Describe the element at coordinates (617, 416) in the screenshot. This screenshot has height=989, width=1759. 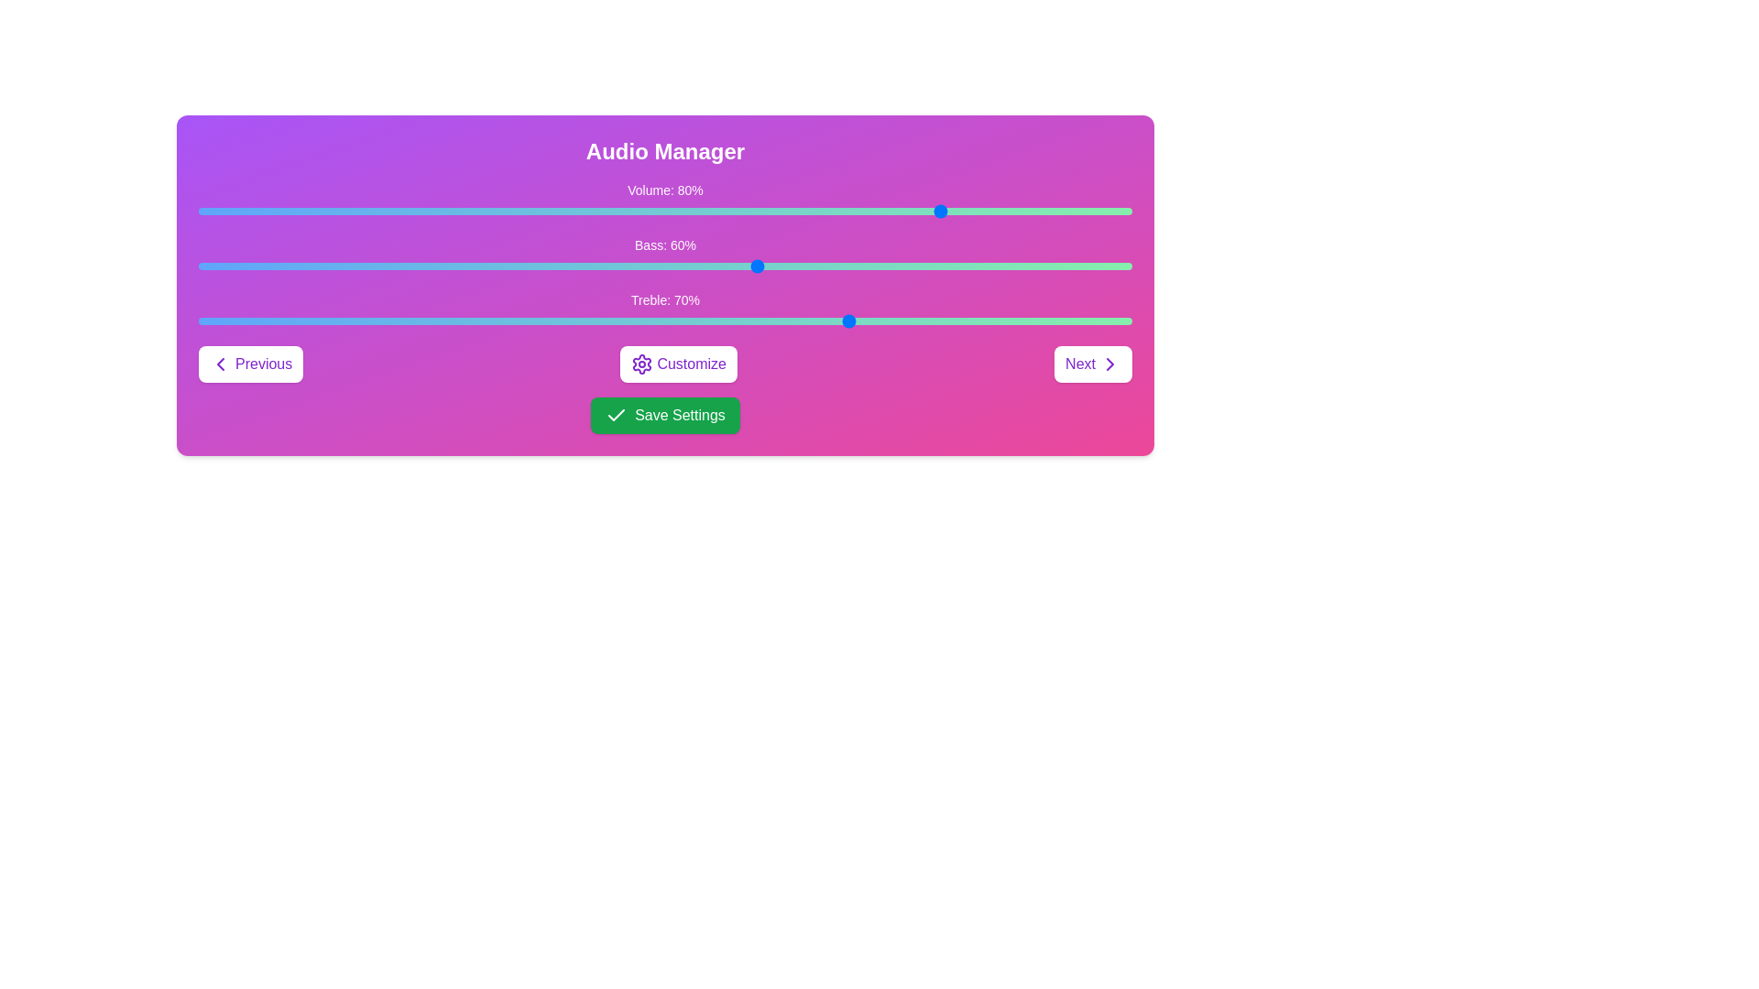
I see `the green checkmark icon located to the left of the 'Save Settings' button in the footer section of the interface` at that location.